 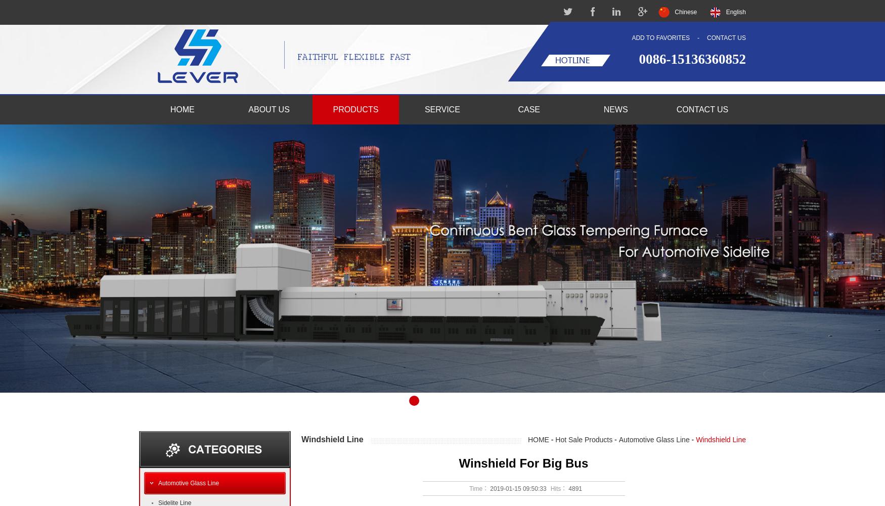 I want to click on 'English', so click(x=735, y=12).